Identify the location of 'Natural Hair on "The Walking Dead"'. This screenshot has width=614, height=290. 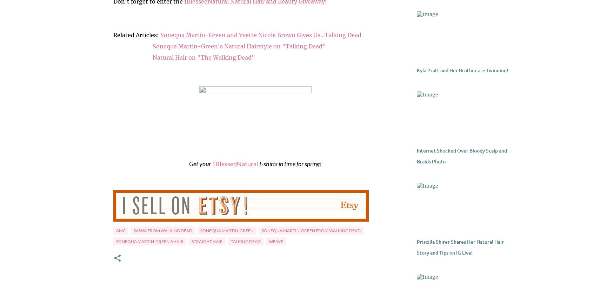
(203, 57).